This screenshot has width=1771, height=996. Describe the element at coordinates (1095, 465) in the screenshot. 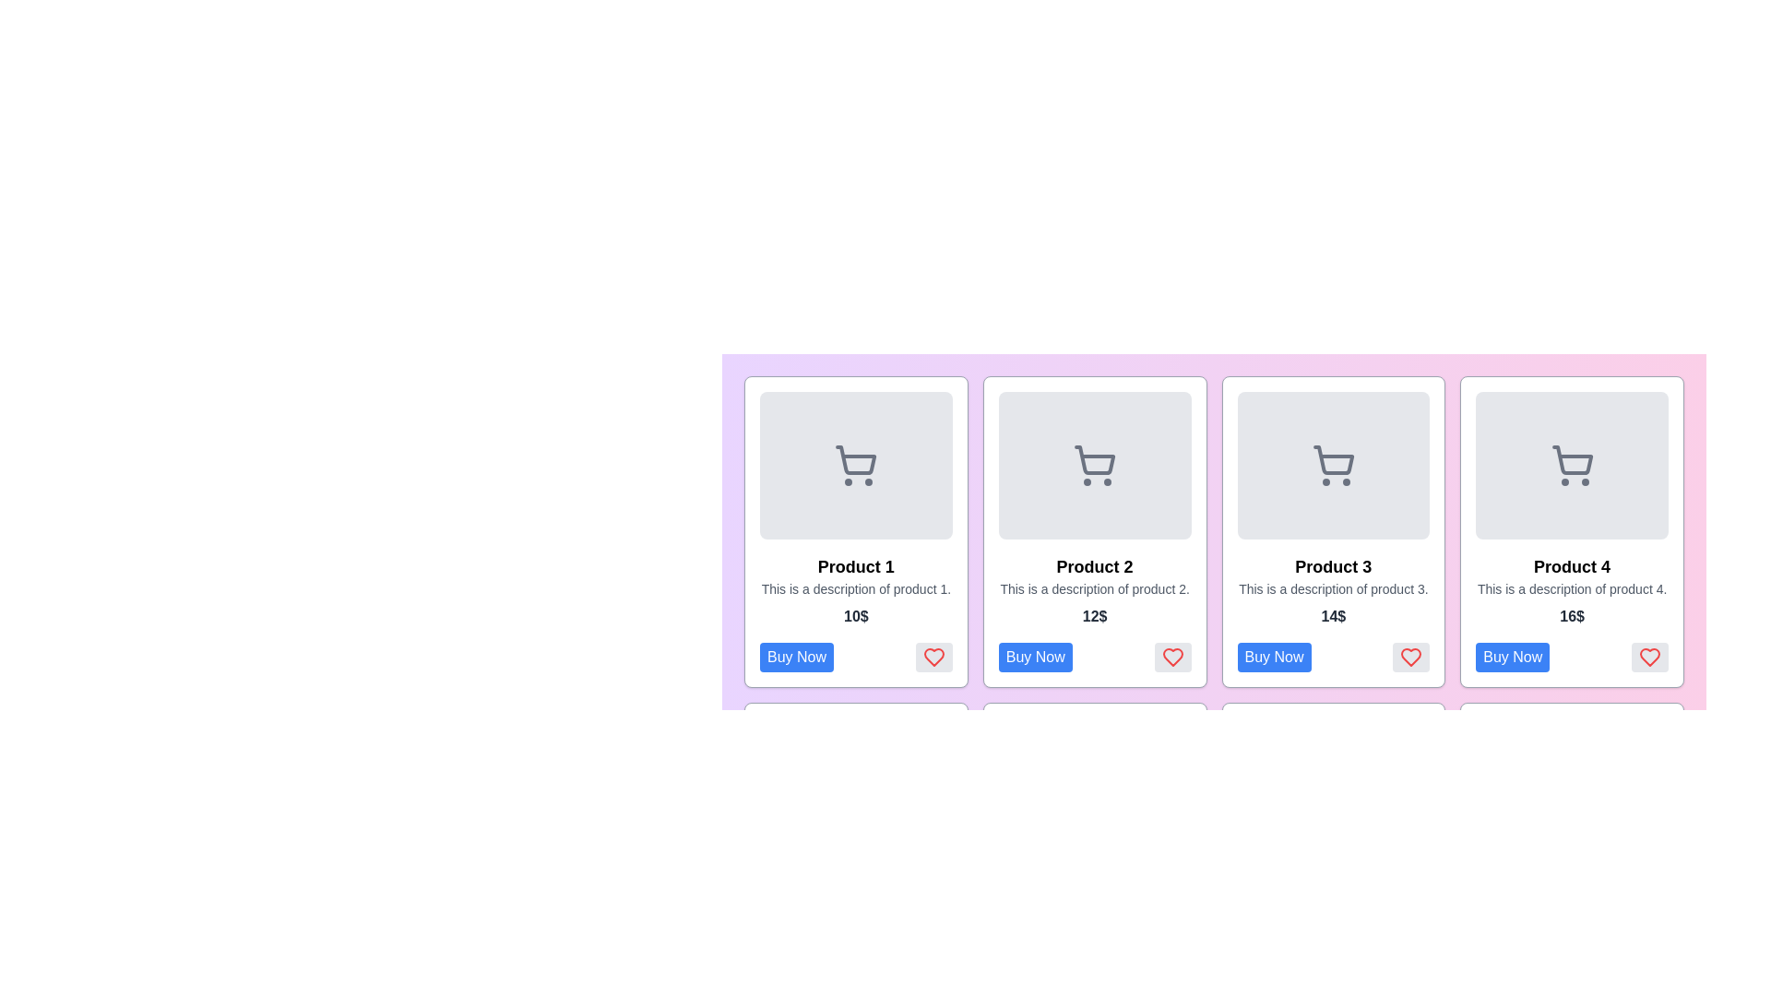

I see `the shopping cart icon located in the second product card, above the text 'Product 2', to initiate an action` at that location.